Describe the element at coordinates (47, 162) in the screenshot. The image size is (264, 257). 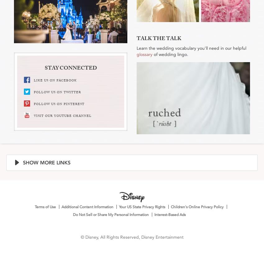
I see `'show more links'` at that location.